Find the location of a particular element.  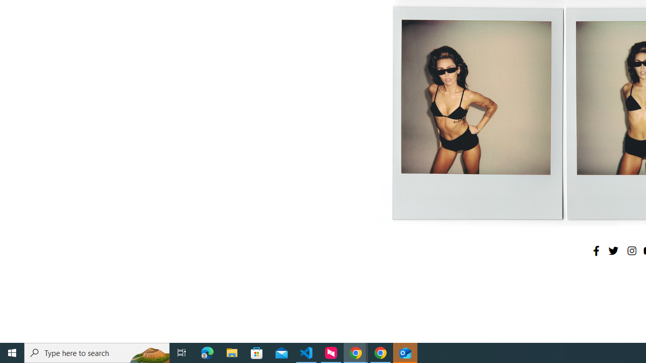

'Facebook' is located at coordinates (596, 250).